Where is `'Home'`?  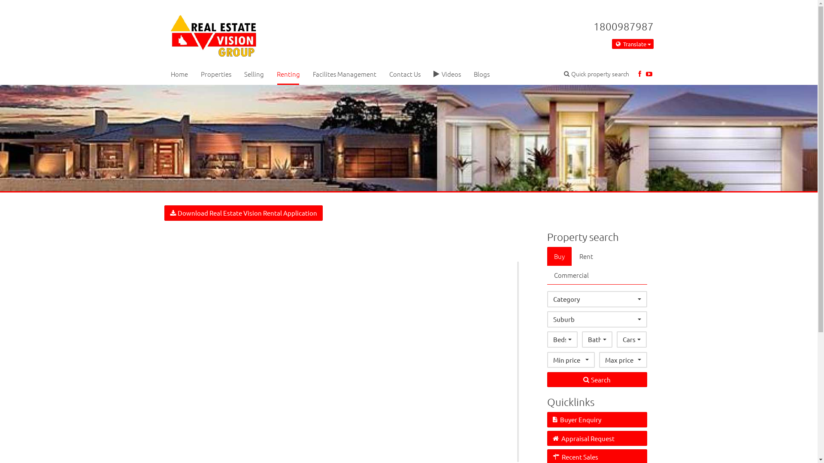 'Home' is located at coordinates (179, 73).